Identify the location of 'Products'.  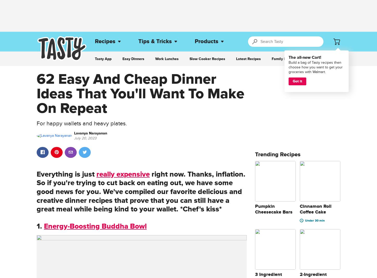
(206, 41).